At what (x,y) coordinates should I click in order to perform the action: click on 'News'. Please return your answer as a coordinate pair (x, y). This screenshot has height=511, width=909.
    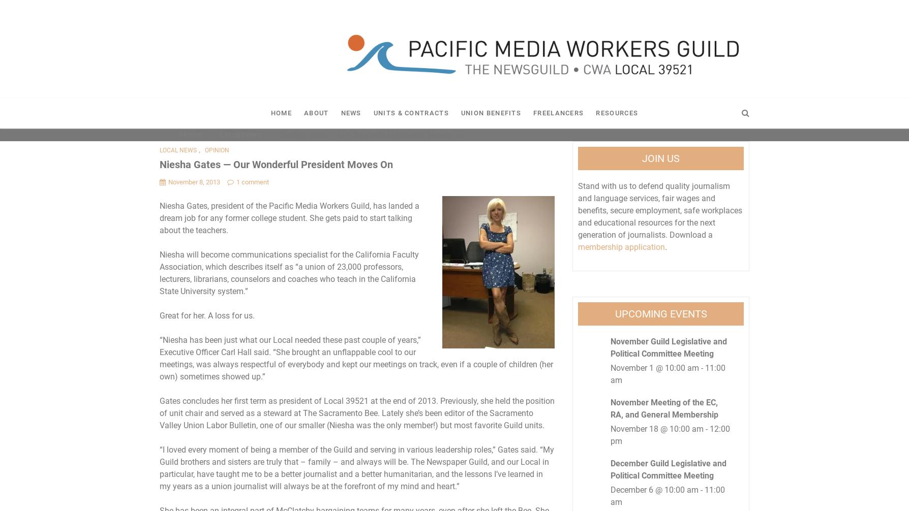
    Looking at the image, I should click on (350, 113).